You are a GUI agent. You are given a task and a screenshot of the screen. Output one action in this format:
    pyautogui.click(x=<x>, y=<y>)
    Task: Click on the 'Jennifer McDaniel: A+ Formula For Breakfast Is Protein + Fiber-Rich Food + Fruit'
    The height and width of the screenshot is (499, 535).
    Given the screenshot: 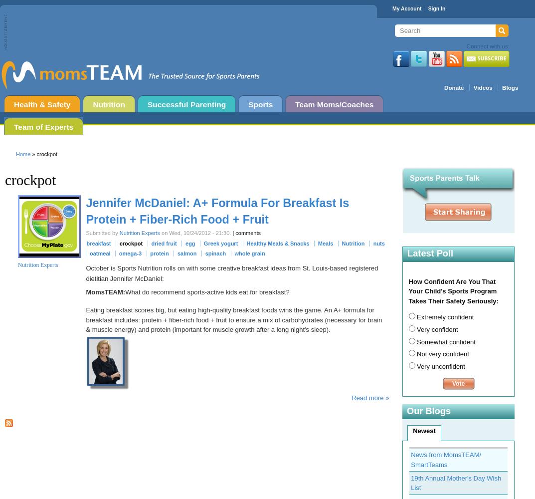 What is the action you would take?
    pyautogui.click(x=217, y=211)
    